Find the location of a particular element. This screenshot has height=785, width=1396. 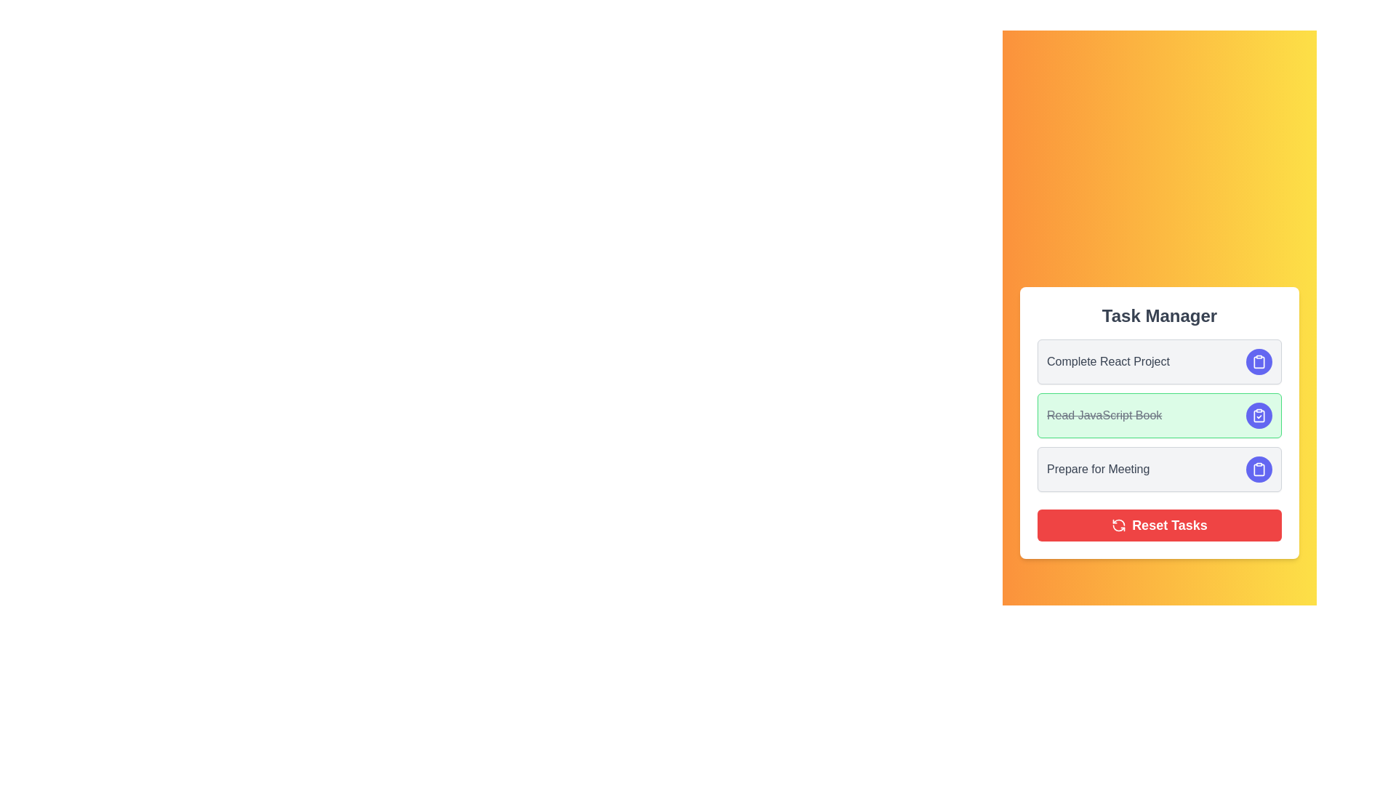

the button located to the far right of the 'Complete React Project' item in the task list to observe the hover effect is located at coordinates (1259, 361).